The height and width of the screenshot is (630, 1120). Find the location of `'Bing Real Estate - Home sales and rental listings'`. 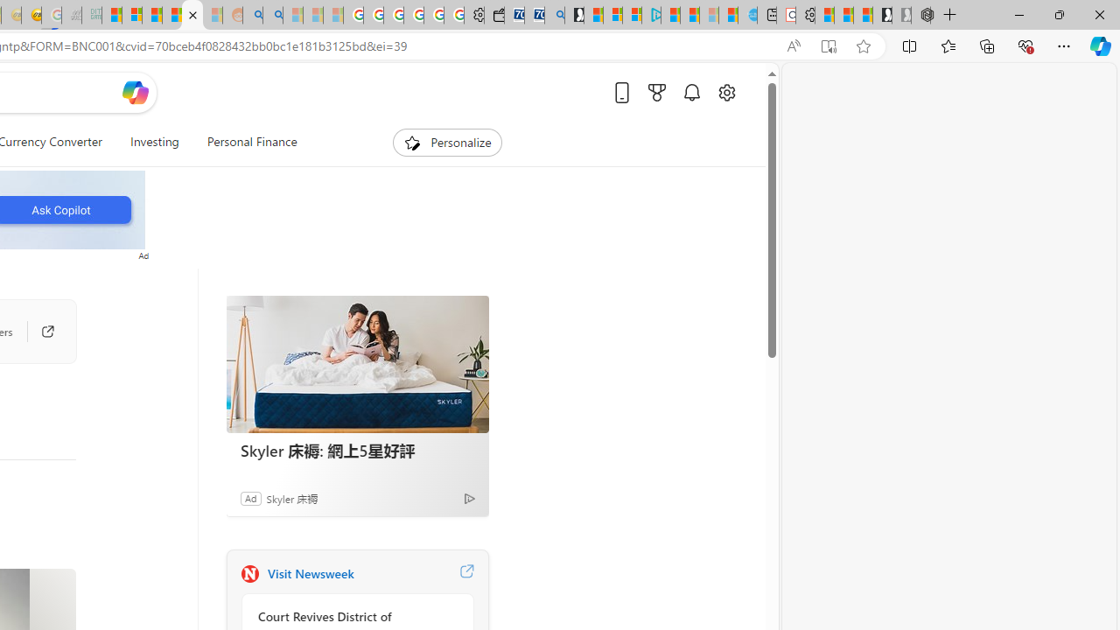

'Bing Real Estate - Home sales and rental listings' is located at coordinates (554, 15).